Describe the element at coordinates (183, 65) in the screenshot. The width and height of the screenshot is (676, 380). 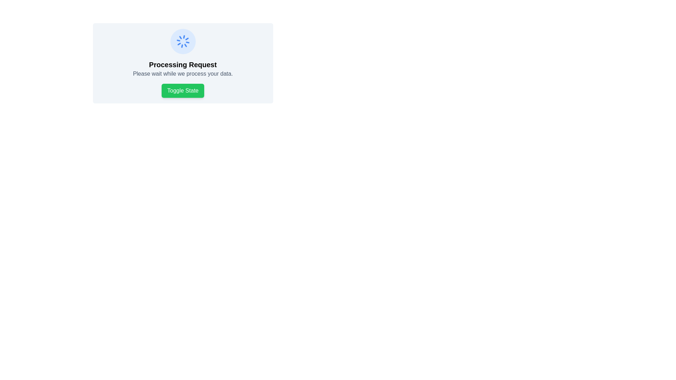
I see `the static text label indicating that a process is currently ongoing, which is positioned below a spinning loader and above a 'Please wait while we process your data.' text element` at that location.